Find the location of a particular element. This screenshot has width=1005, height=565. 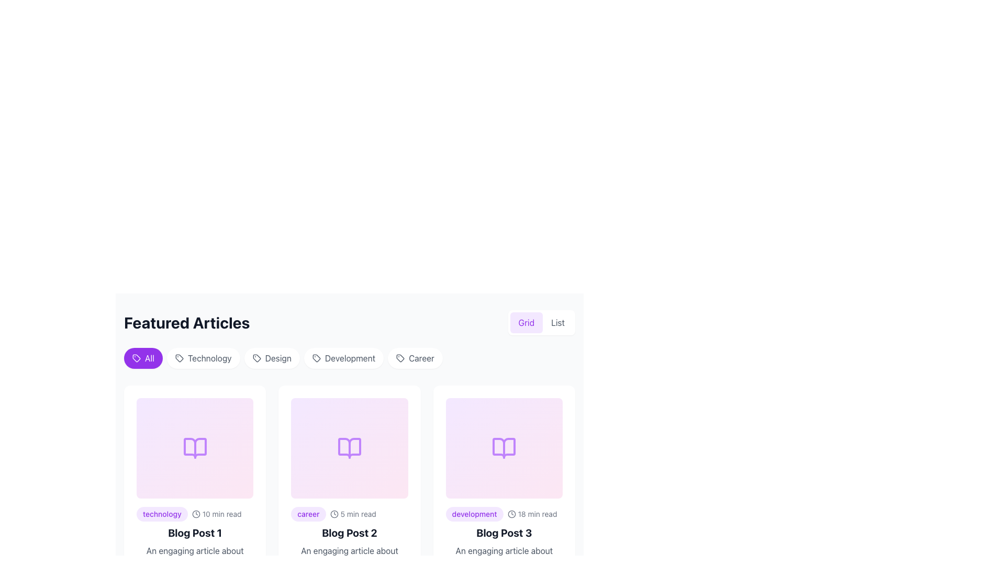

the 'All' button in the navigation bar is located at coordinates (349, 360).